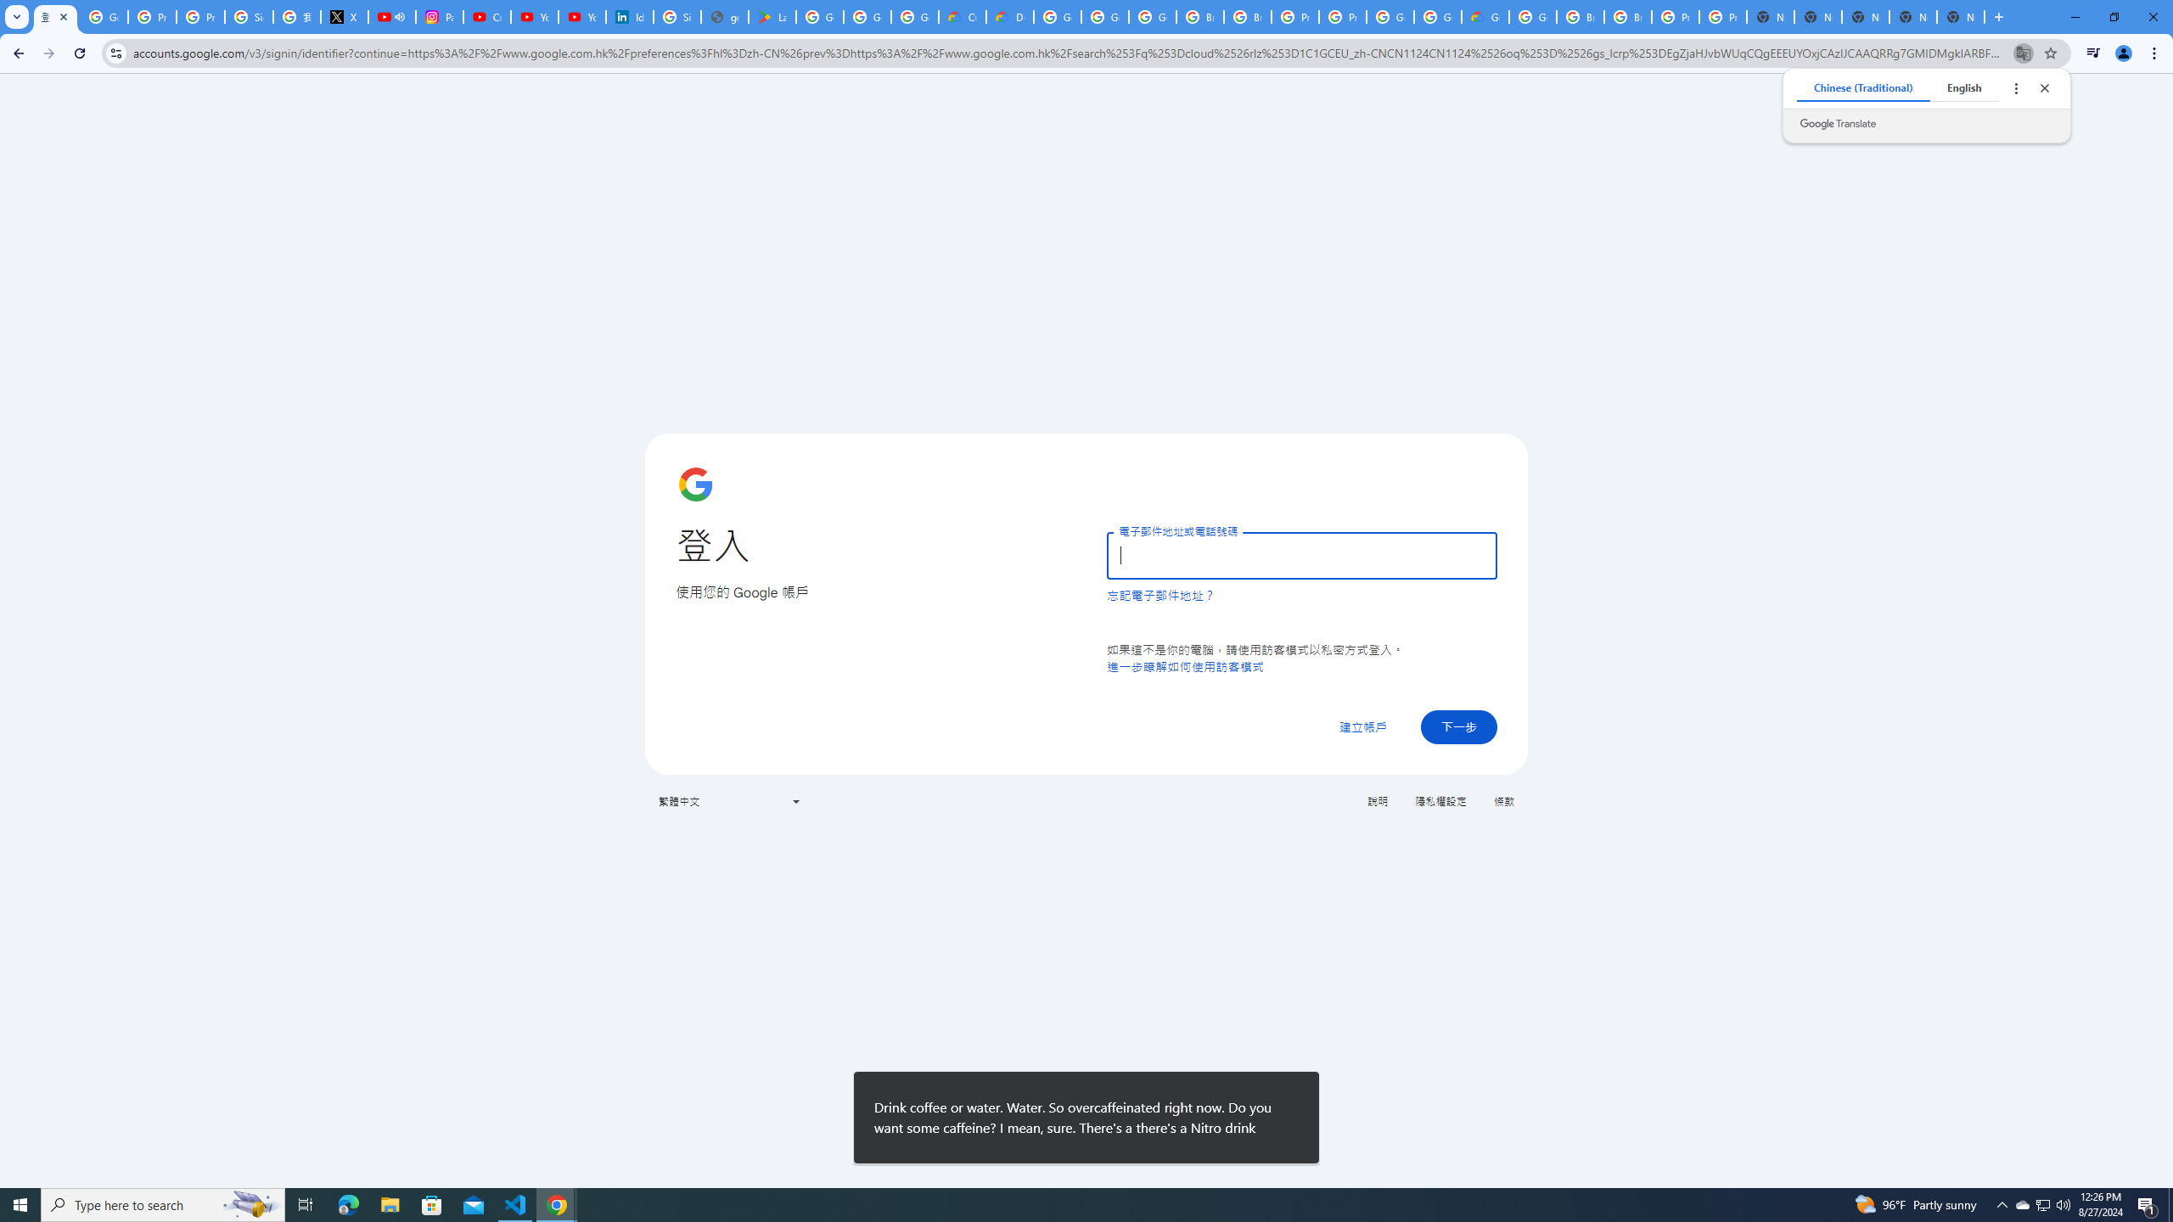  I want to click on 'google_privacy_policy_en.pdf', so click(723, 16).